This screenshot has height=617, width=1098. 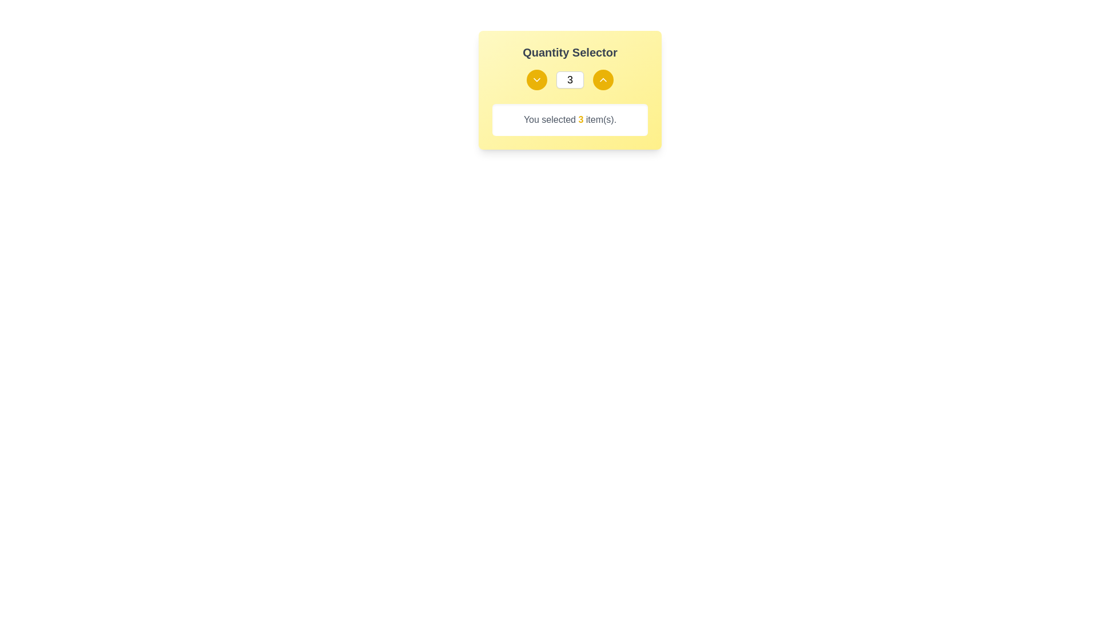 What do you see at coordinates (536, 79) in the screenshot?
I see `the decrease button that decreases the numeric value in the adjacent input box to observe visual feedback indicating interactivity` at bounding box center [536, 79].